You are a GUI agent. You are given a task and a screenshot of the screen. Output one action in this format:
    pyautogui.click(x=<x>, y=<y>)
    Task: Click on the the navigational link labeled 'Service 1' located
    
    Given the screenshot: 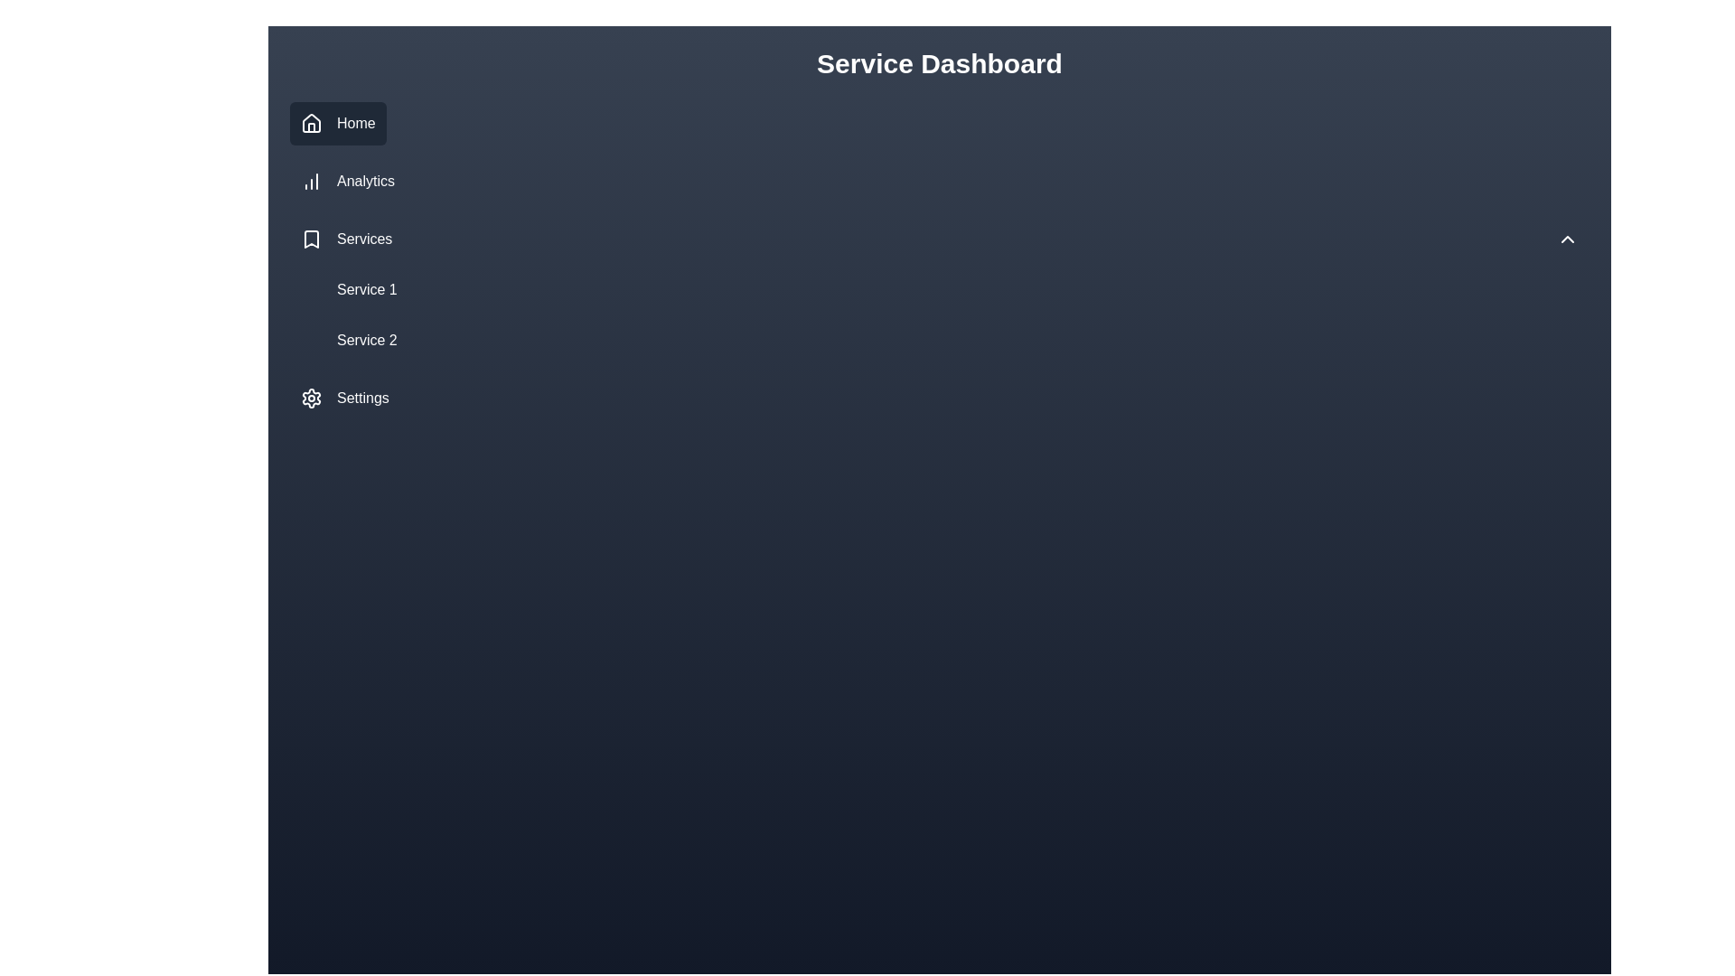 What is the action you would take?
    pyautogui.click(x=366, y=288)
    